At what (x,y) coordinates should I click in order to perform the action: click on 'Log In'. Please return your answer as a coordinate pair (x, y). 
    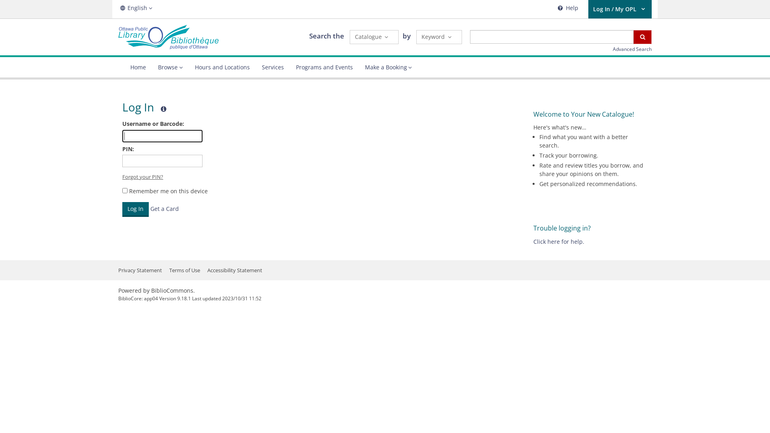
    Looking at the image, I should click on (135, 209).